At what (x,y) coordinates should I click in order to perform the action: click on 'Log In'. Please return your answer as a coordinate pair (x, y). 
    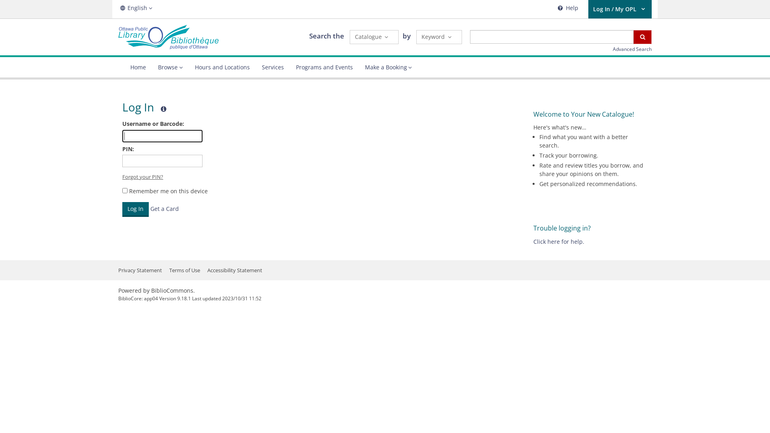
    Looking at the image, I should click on (135, 209).